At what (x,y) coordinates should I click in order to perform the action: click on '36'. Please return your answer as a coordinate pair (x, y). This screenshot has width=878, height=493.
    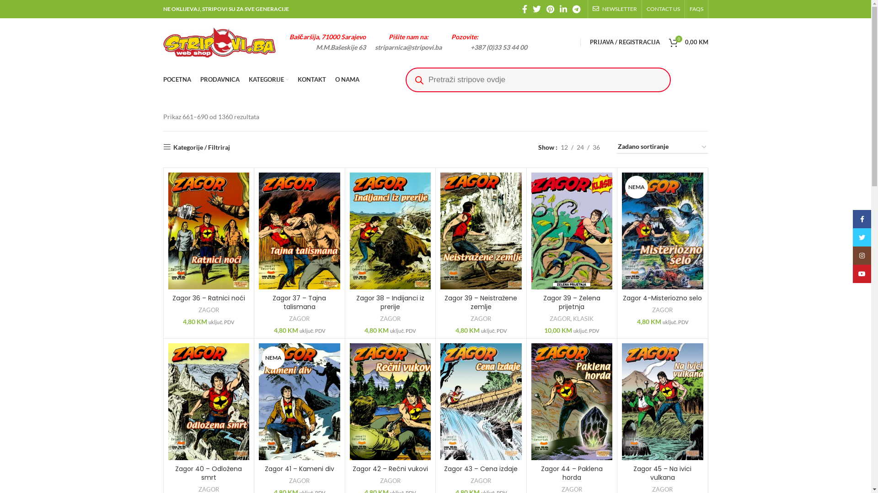
    Looking at the image, I should click on (595, 147).